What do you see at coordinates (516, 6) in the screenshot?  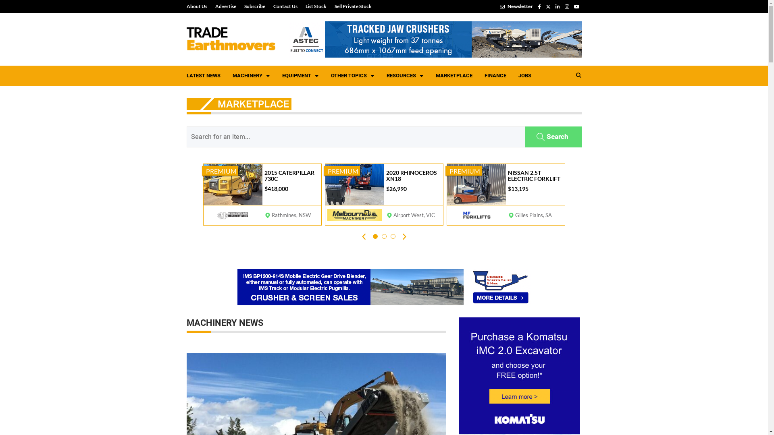 I see `'Newsletter'` at bounding box center [516, 6].